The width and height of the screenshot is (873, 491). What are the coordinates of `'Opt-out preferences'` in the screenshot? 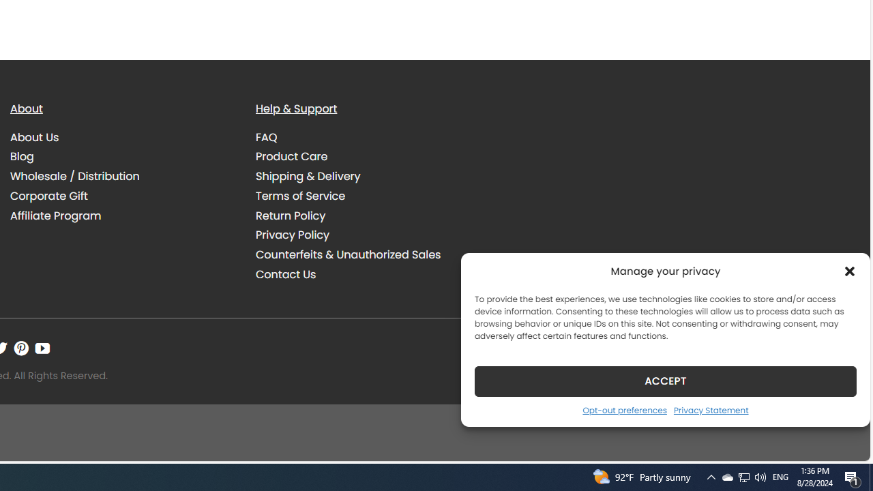 It's located at (623, 409).